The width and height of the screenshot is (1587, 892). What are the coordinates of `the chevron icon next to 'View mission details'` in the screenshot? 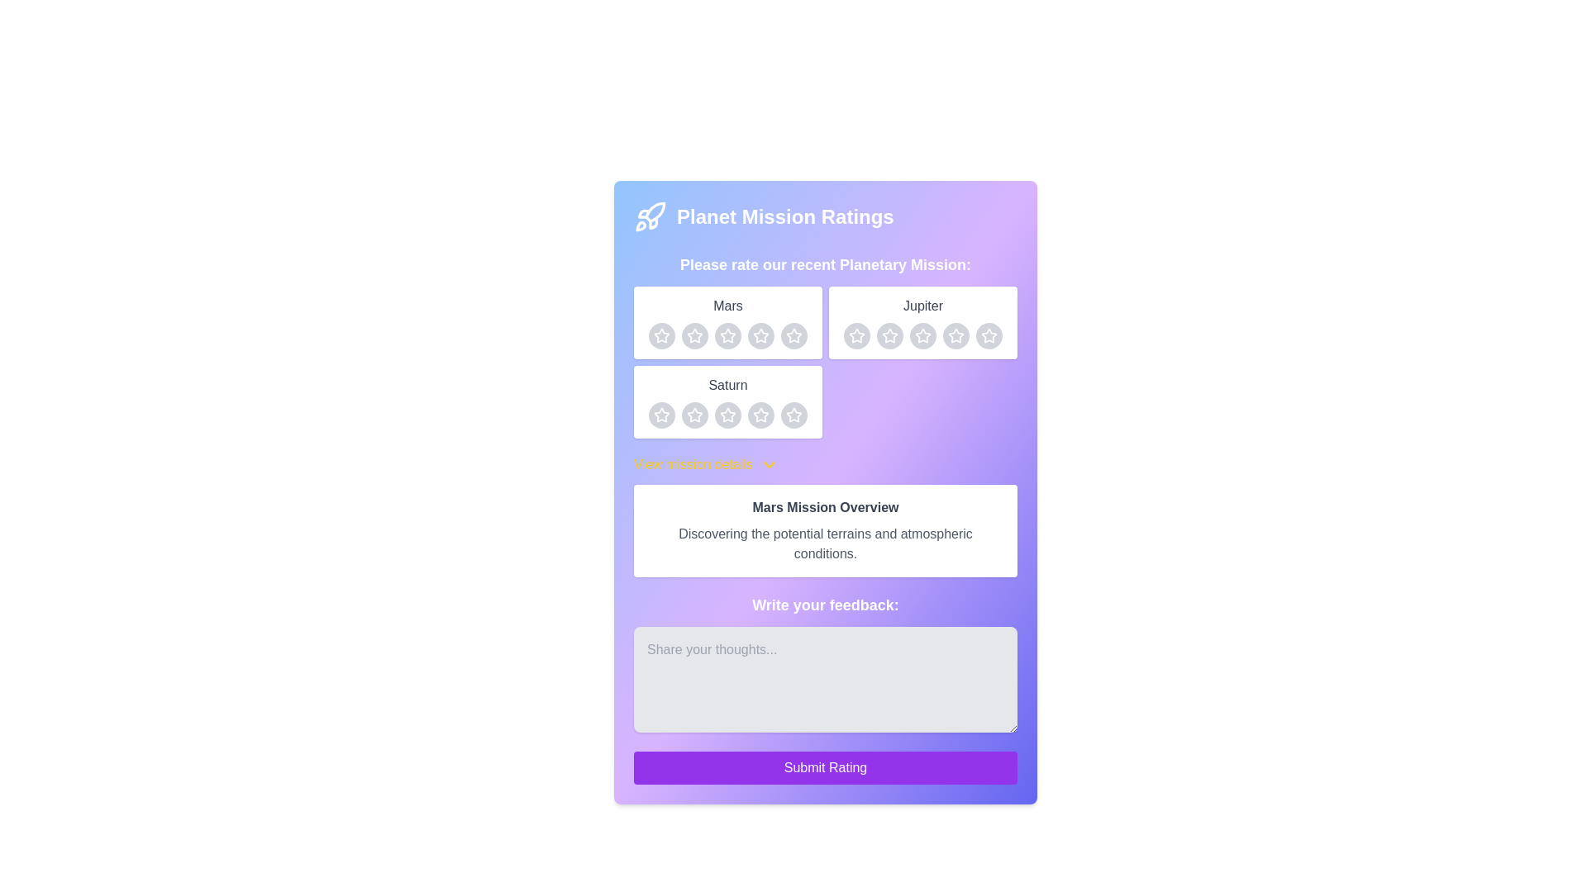 It's located at (768, 465).